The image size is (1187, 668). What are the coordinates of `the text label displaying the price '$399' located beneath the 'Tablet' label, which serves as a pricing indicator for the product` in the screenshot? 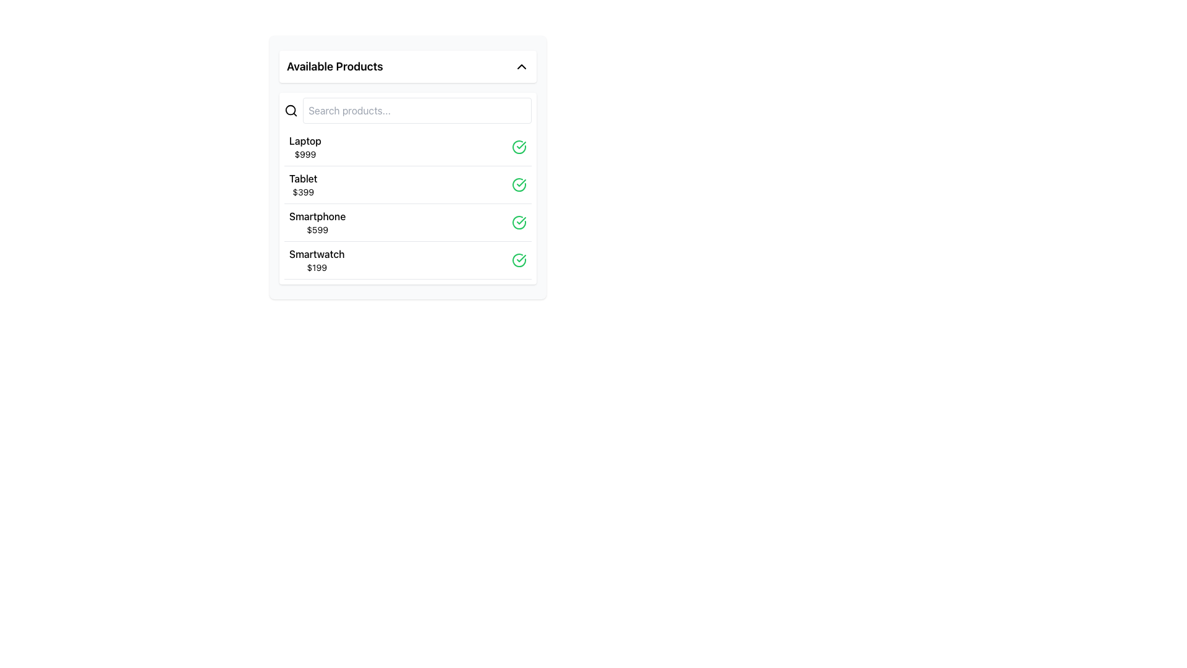 It's located at (303, 192).